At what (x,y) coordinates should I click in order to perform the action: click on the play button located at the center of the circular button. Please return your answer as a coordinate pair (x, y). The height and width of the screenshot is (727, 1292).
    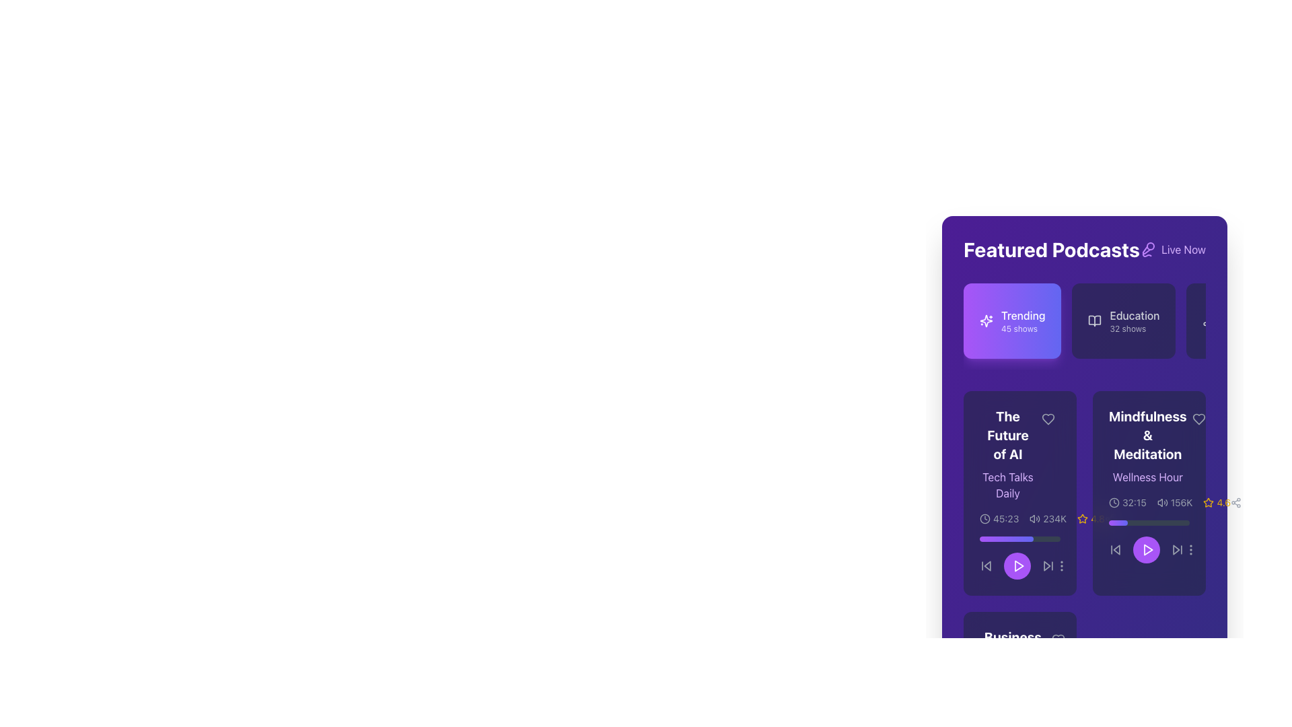
    Looking at the image, I should click on (1147, 550).